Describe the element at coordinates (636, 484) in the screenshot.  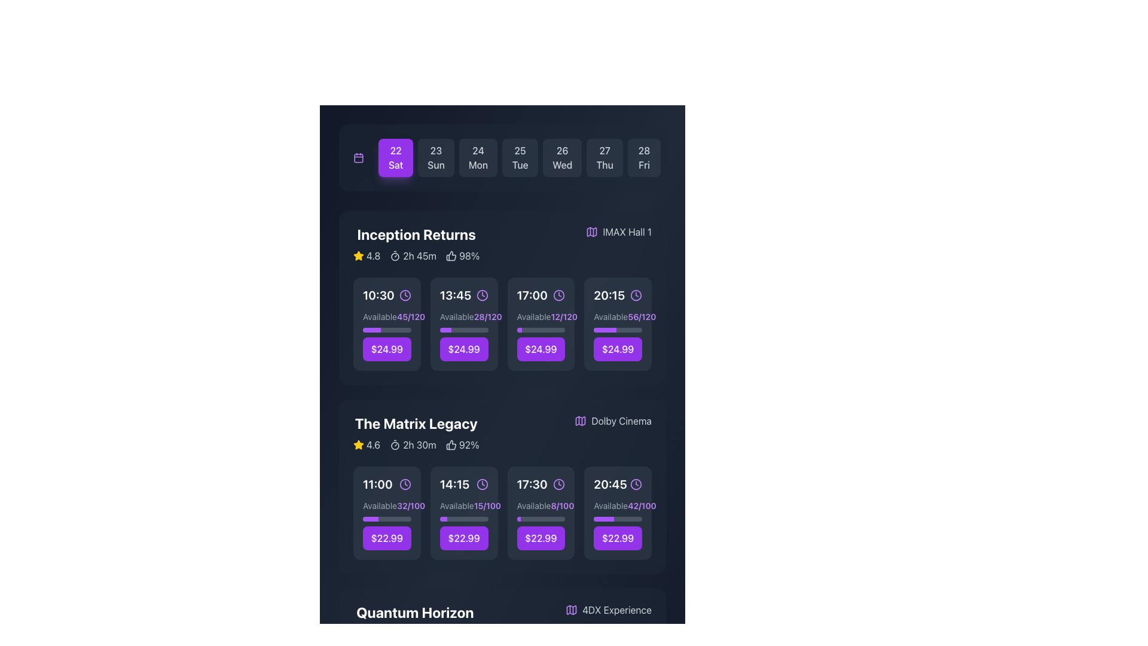
I see `the clock icon element represented as a circle within the SVG graphic, located at the bottom section of the page next to the movie time '20:45' for 'The Matrix Legacy'` at that location.